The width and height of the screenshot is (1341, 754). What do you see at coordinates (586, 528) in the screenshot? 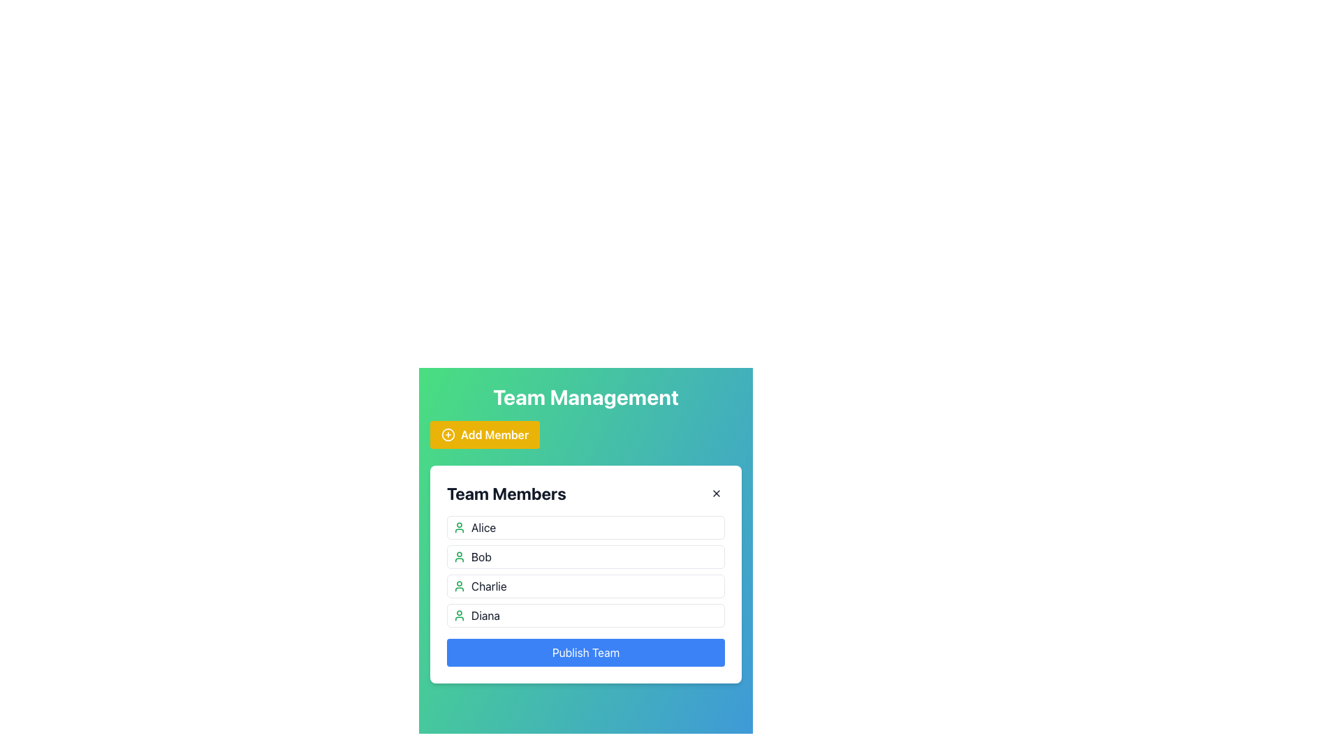
I see `on the list item representing team member 'Alice' in the 'Team Members' list` at bounding box center [586, 528].